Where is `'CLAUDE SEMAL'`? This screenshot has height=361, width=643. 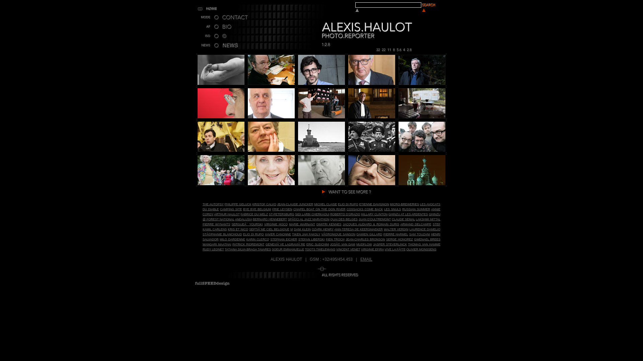
'CLAUDE SEMAL' is located at coordinates (392, 219).